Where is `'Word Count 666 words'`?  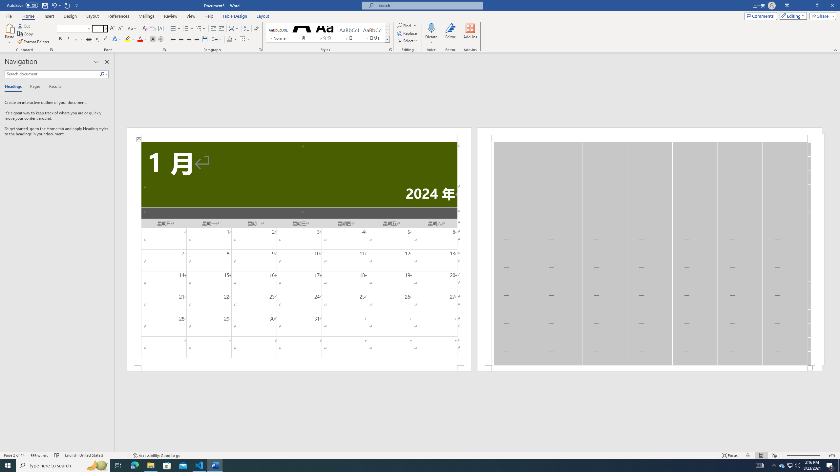
'Word Count 666 words' is located at coordinates (40, 455).